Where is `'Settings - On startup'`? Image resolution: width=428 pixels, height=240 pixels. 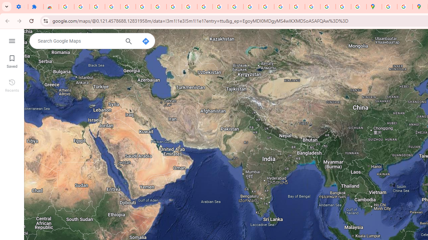
'Settings - On startup' is located at coordinates (20, 7).